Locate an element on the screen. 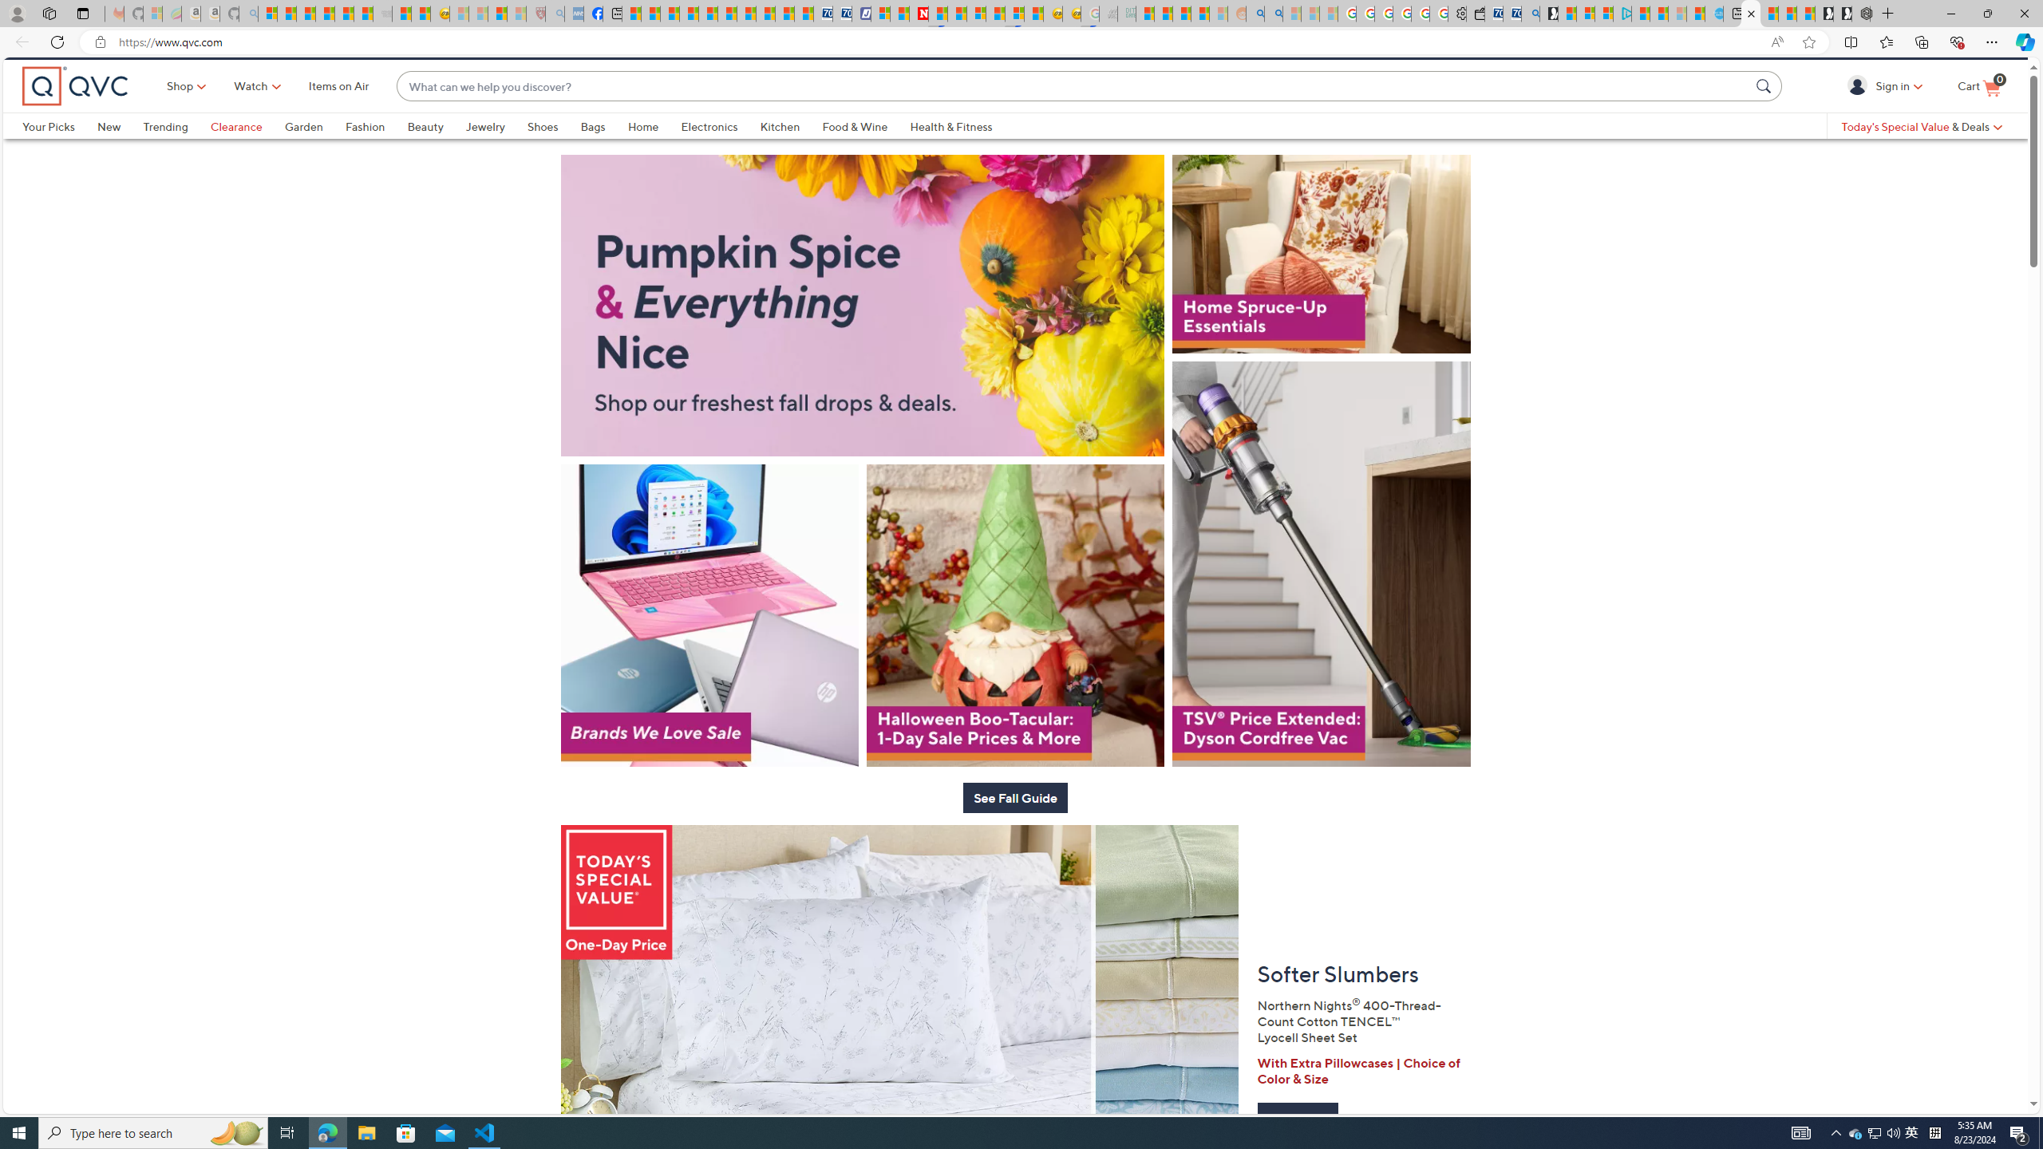 Image resolution: width=2043 pixels, height=1149 pixels. 'Shop' is located at coordinates (181, 113).